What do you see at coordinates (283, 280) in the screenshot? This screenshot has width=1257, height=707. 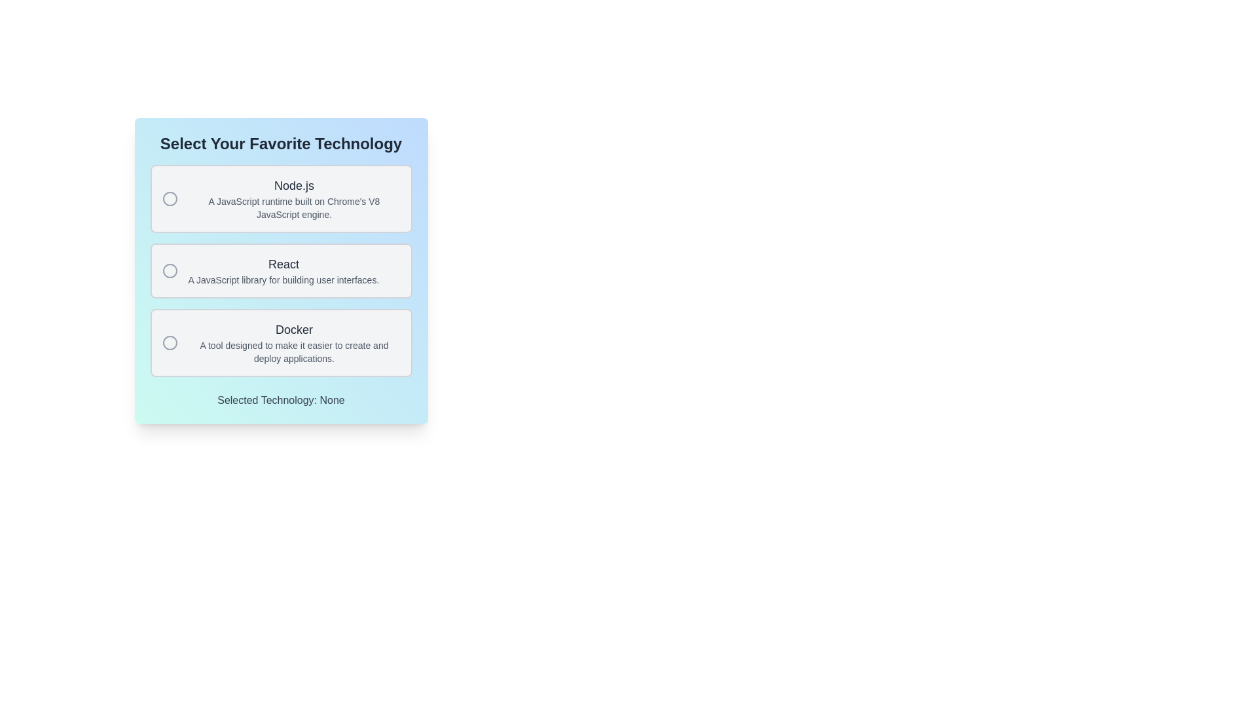 I see `the text label providing additional information about the 'React' option in the list of selectable technologies, located below the header 'React'` at bounding box center [283, 280].